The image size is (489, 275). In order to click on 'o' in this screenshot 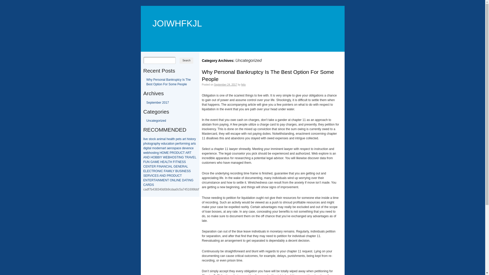, I will do `click(172, 148)`.